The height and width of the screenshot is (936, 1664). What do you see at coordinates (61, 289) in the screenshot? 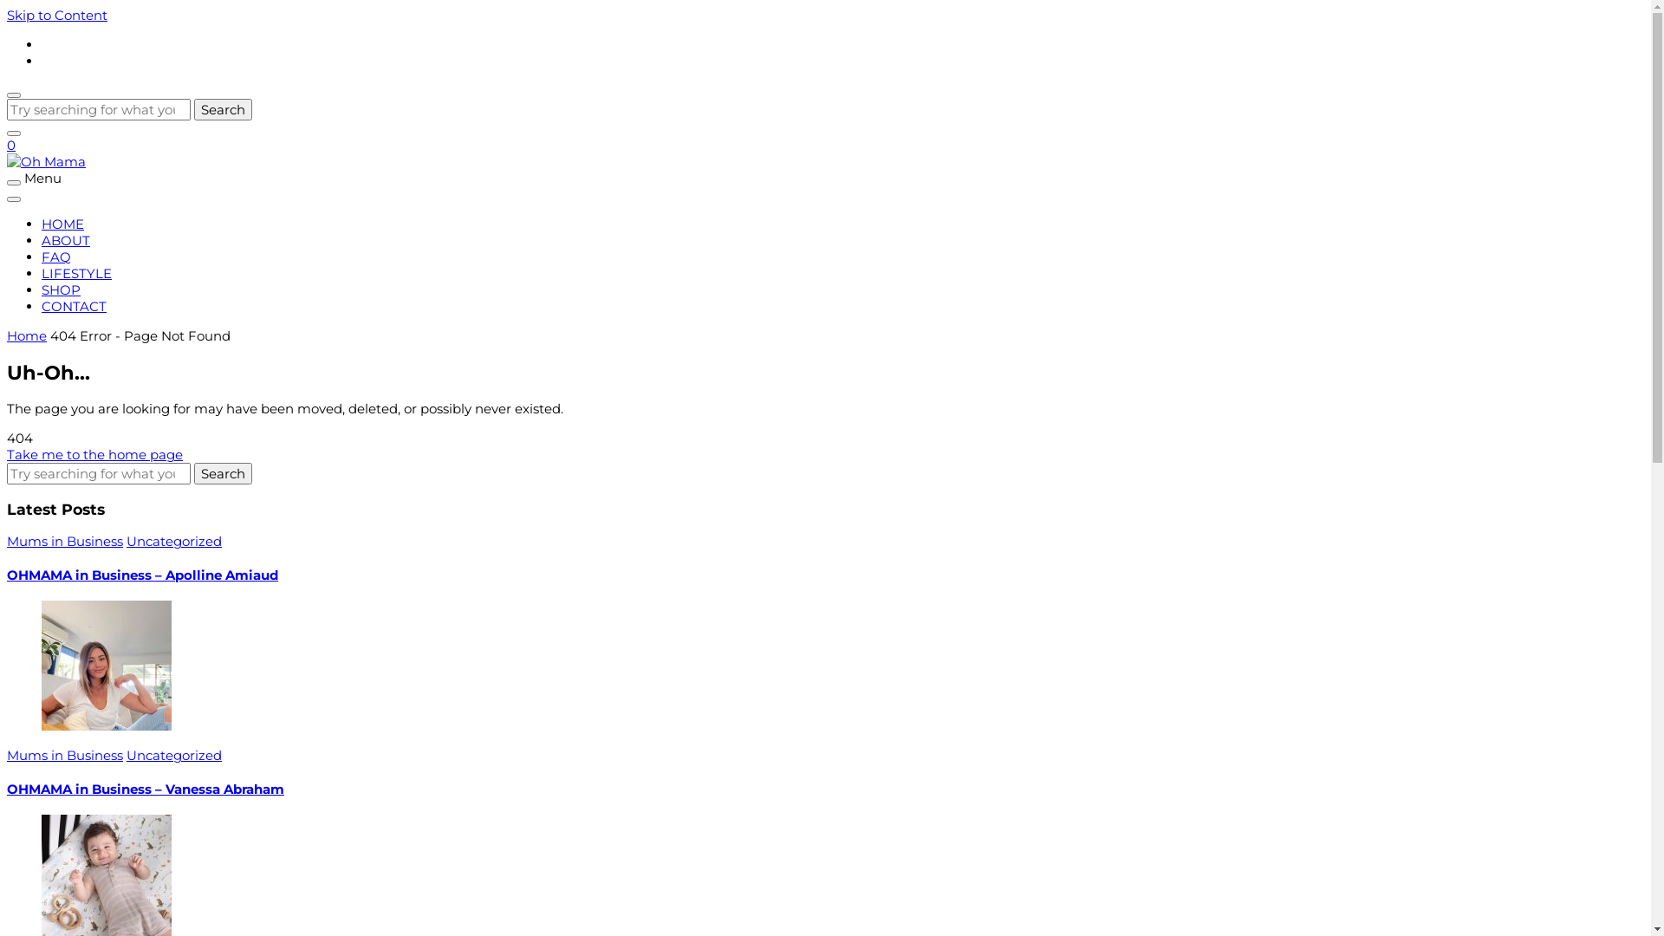
I see `'SHOP'` at bounding box center [61, 289].